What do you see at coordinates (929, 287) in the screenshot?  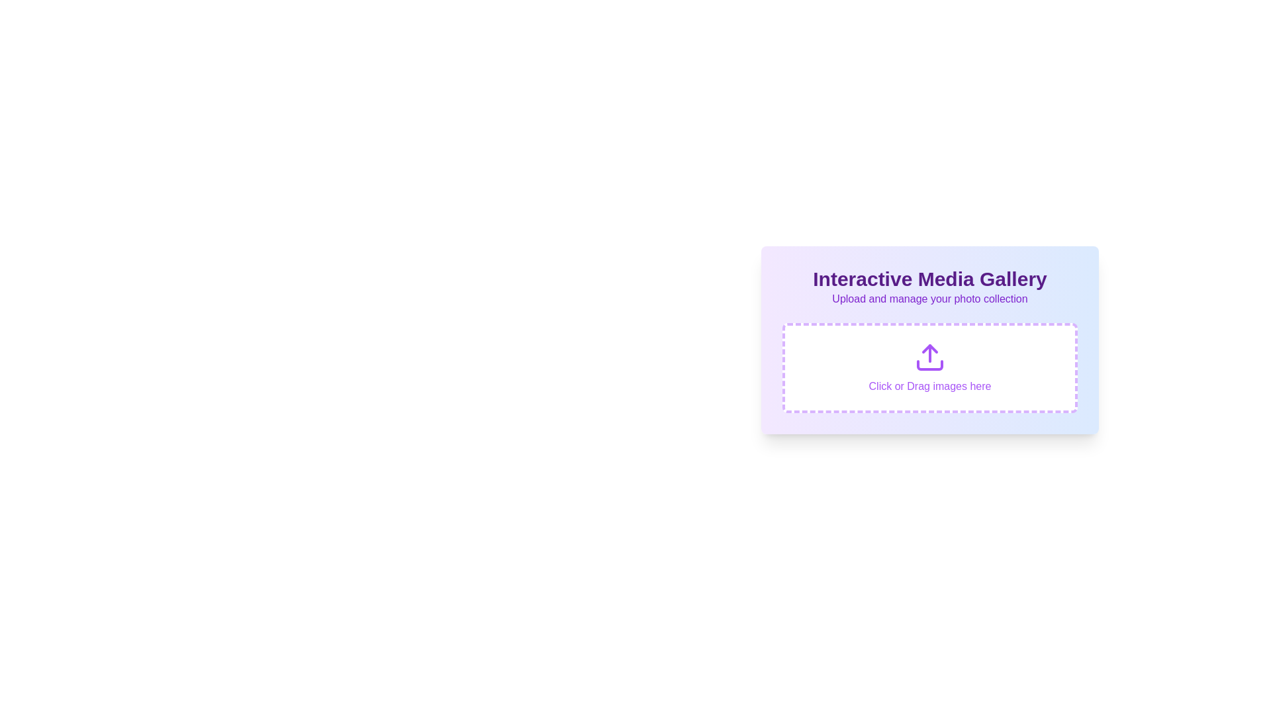 I see `the text block that describes the section's functionality for uploading and managing photo collections, which is positioned above the 'Click or Drag images here' instruction and the upload icon` at bounding box center [929, 287].